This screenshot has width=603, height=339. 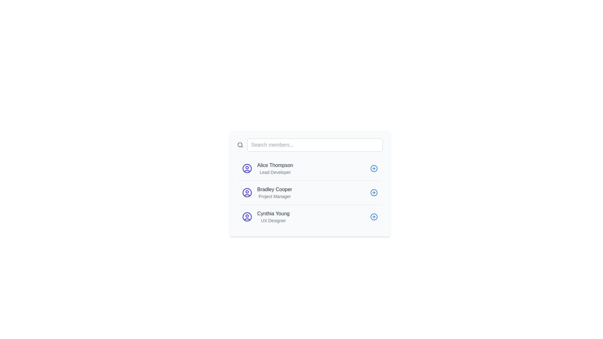 What do you see at coordinates (274, 192) in the screenshot?
I see `the text block displaying 'Bradley Cooper, Project Manager' in the second row of the member list under the header 'Search members...' in the modal` at bounding box center [274, 192].